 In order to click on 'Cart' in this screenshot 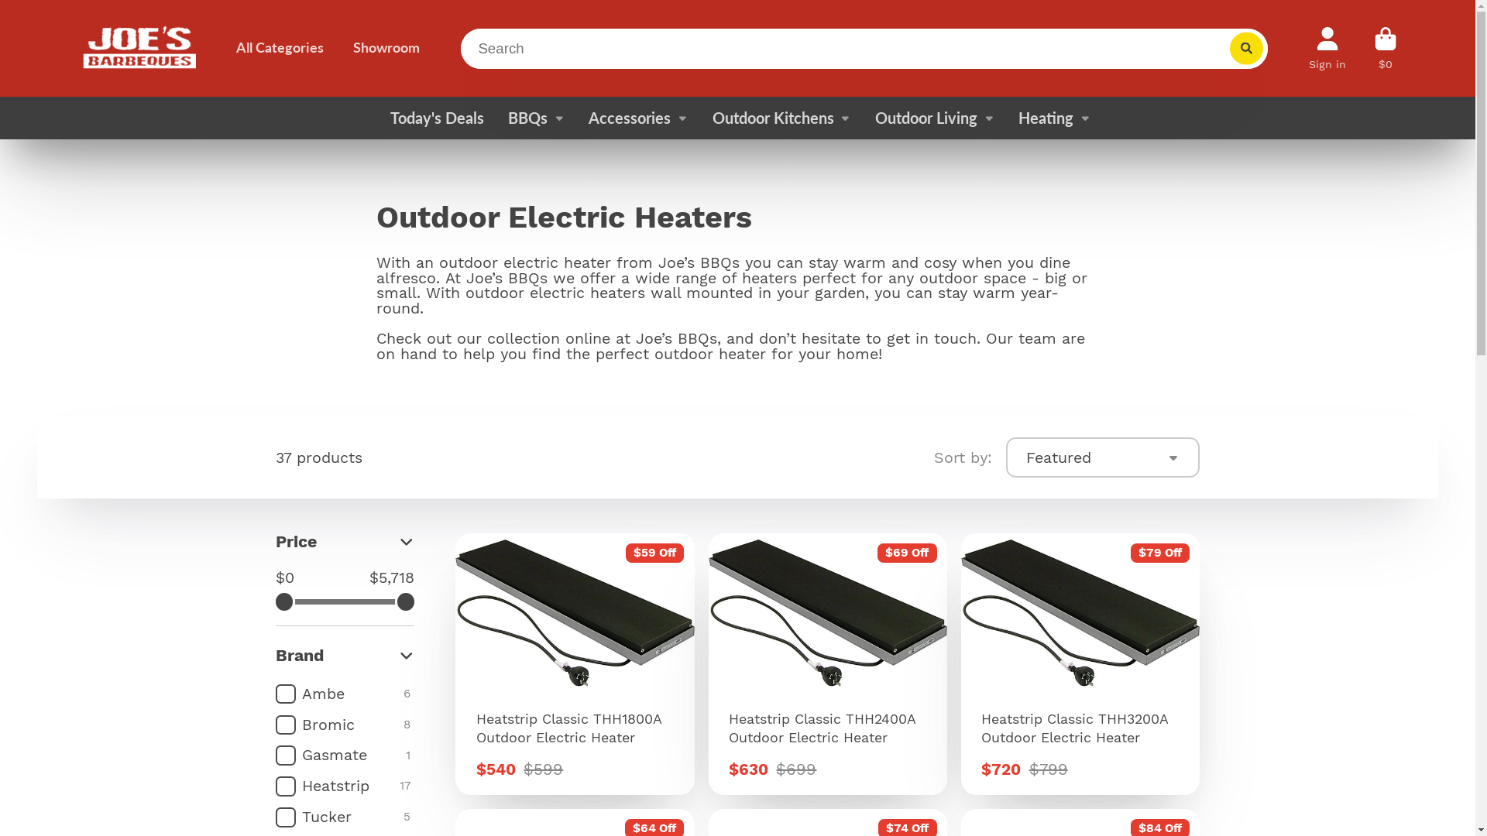, I will do `click(1386, 47)`.